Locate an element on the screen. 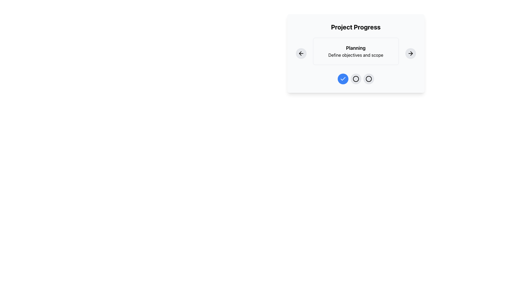 The width and height of the screenshot is (515, 289). the second circular interactive button located in a single row of similar buttons is located at coordinates (356, 79).